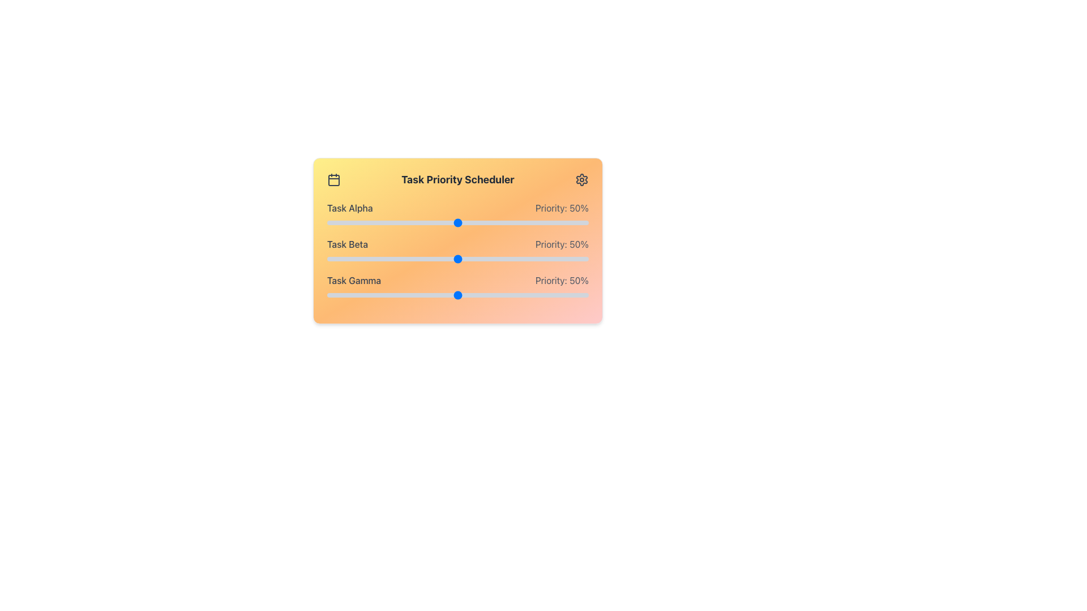 The height and width of the screenshot is (611, 1087). Describe the element at coordinates (458, 294) in the screenshot. I see `the priority of Task Gamma` at that location.